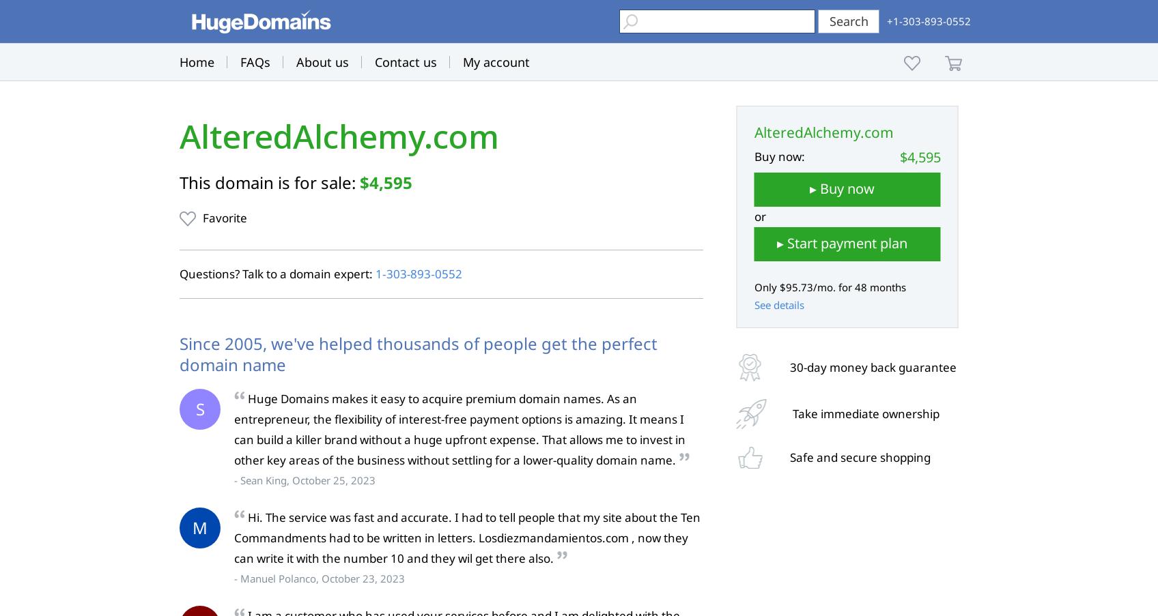 The height and width of the screenshot is (616, 1158). Describe the element at coordinates (406, 62) in the screenshot. I see `'Contact us'` at that location.